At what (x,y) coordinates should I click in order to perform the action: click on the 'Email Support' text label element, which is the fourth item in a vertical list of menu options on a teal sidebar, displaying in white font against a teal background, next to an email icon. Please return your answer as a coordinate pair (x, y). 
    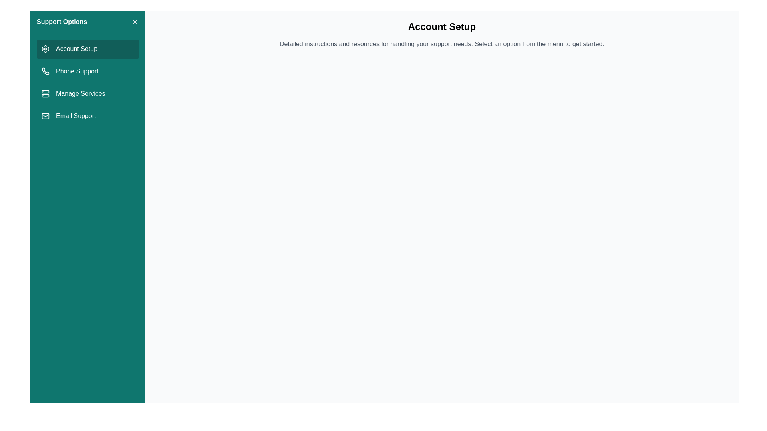
    Looking at the image, I should click on (76, 116).